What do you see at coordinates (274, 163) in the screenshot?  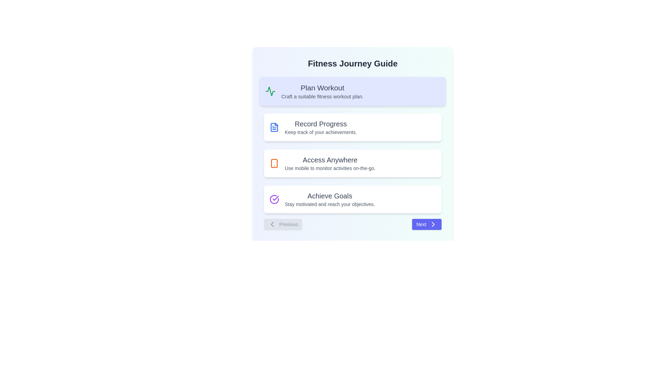 I see `the small orange smartphone icon with a minimalist design located in the 'Access Anywhere' section, which is the third icon from the top` at bounding box center [274, 163].